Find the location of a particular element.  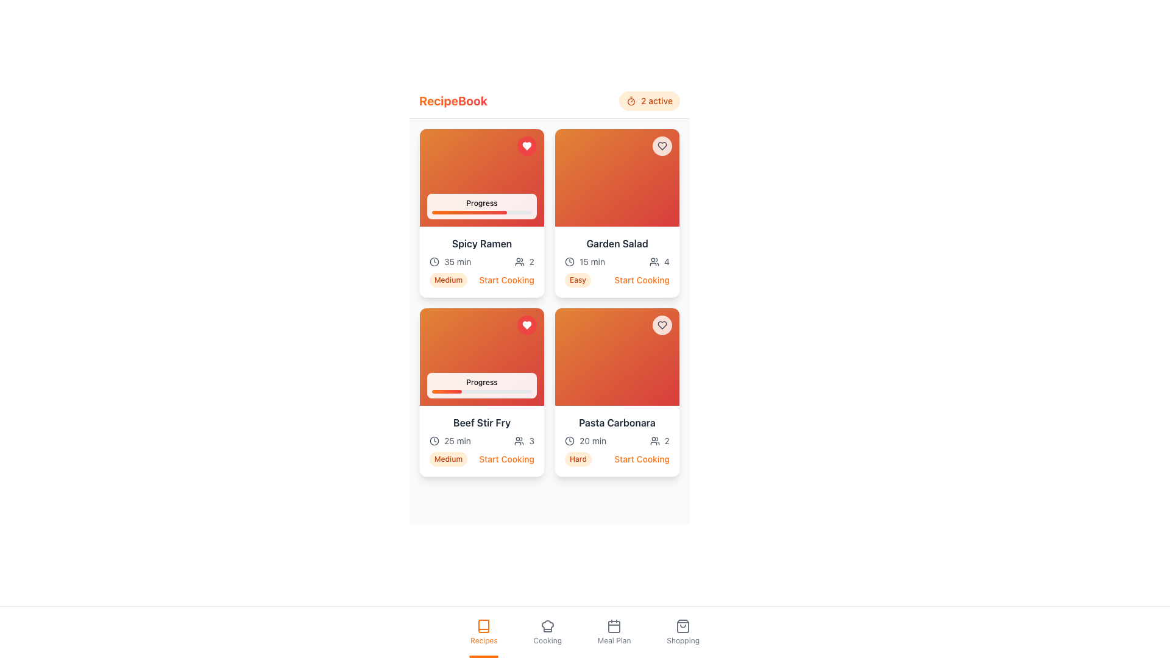

the timer icon located at the start of the badge component labeled '2 active', positioned to the left of the text near the top-right of the page adjacent to the title 'RecipeBook' is located at coordinates (631, 100).